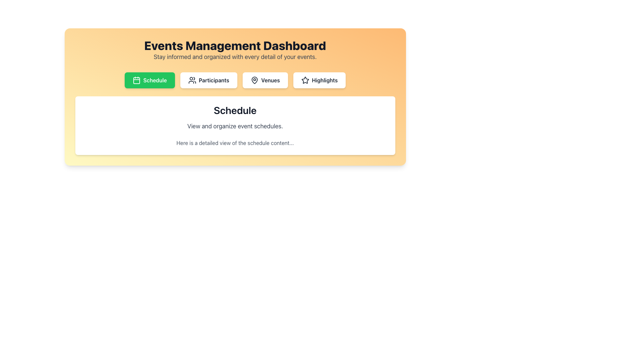  I want to click on the star icon located within the Highlights button on the Events Management Dashboard interface, which visually represents the 'Highlights' section, so click(305, 80).